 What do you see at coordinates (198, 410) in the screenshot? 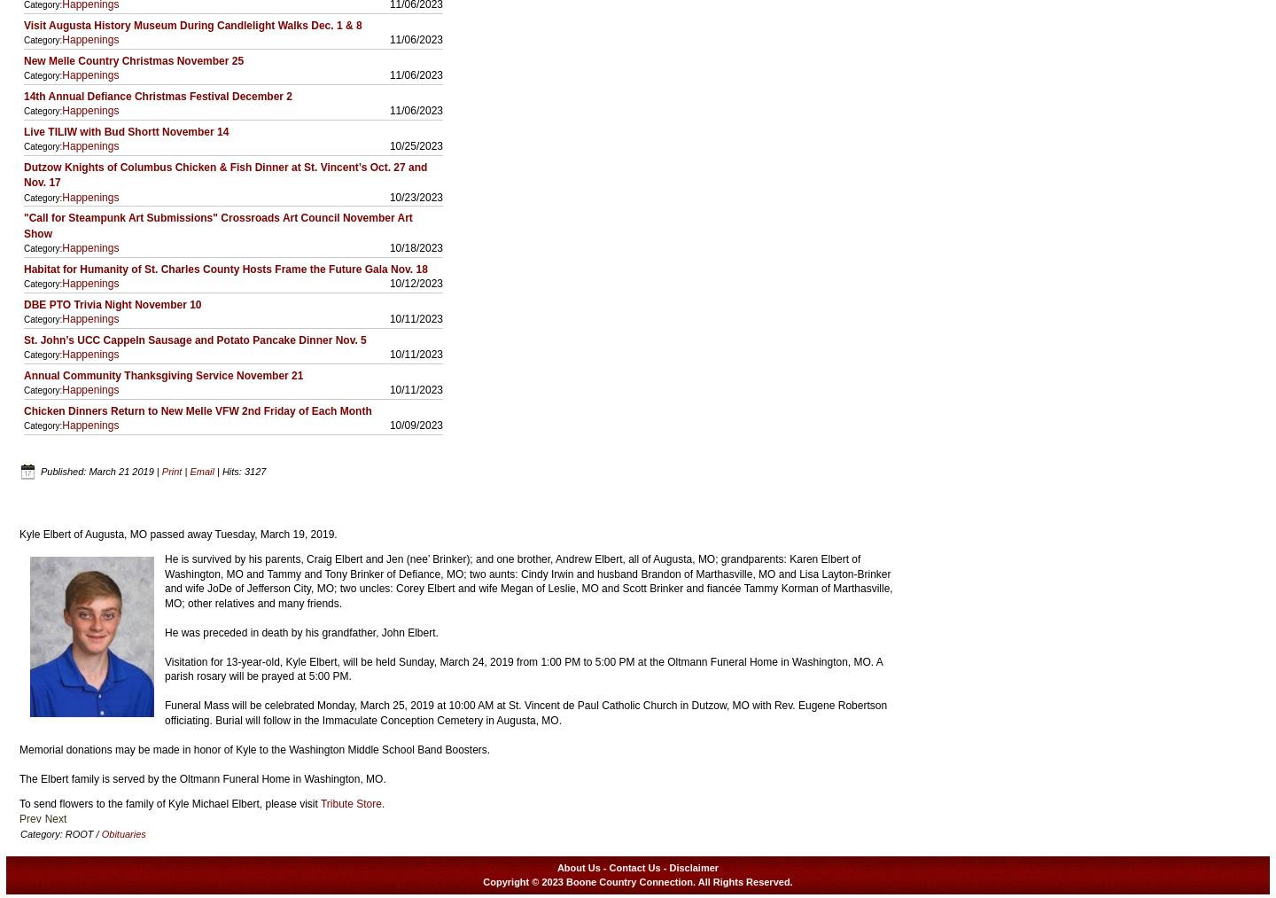
I see `'Chicken Dinners Return to New Melle VFW 2nd Friday of Each Month'` at bounding box center [198, 410].